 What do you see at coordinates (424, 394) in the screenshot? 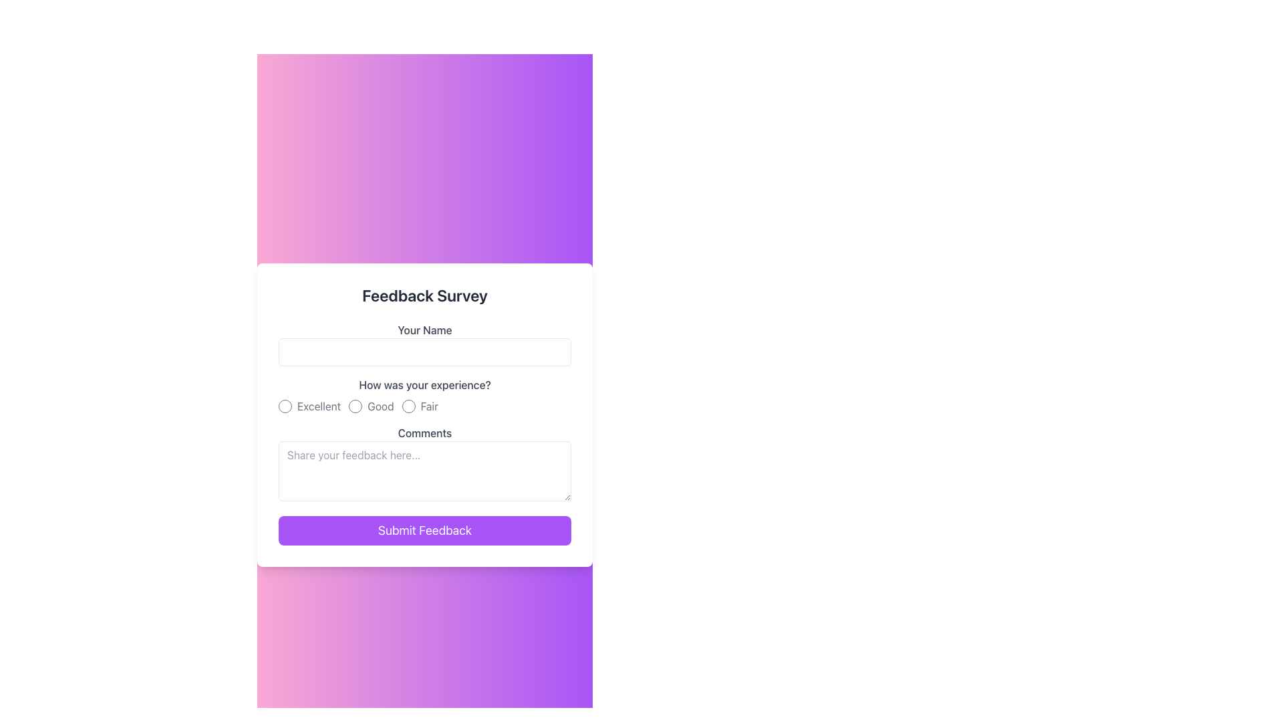
I see `the radio button group labeled 'How was your experience?'` at bounding box center [424, 394].